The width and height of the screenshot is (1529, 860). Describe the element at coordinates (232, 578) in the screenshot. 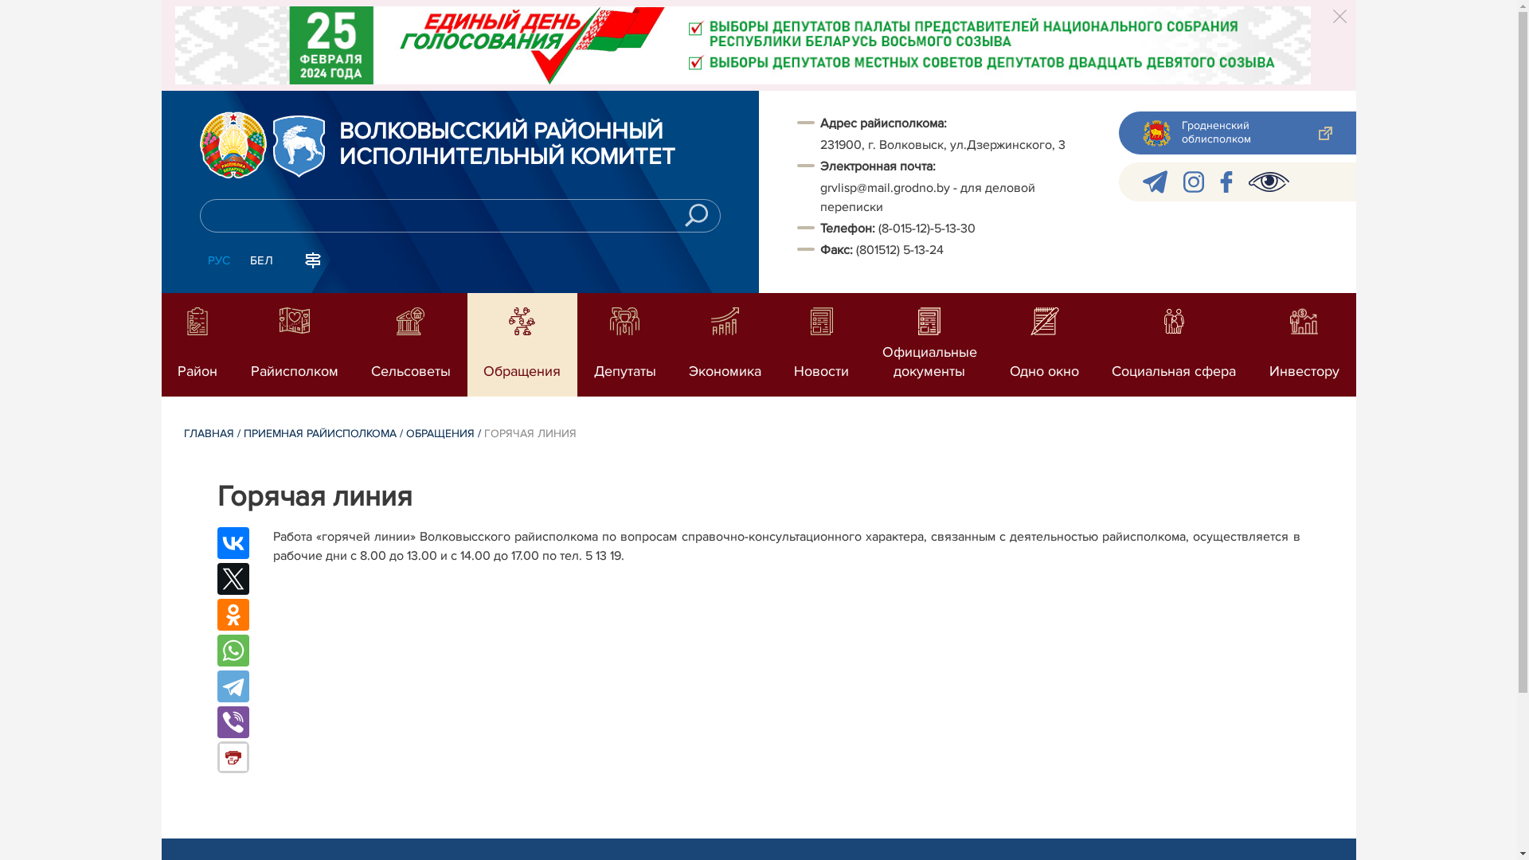

I see `'Twitter'` at that location.